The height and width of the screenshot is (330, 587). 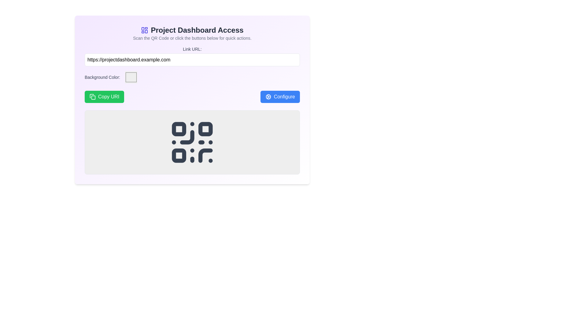 I want to click on the graphical shape located in the top right quadrant of the QR code, so click(x=187, y=137).